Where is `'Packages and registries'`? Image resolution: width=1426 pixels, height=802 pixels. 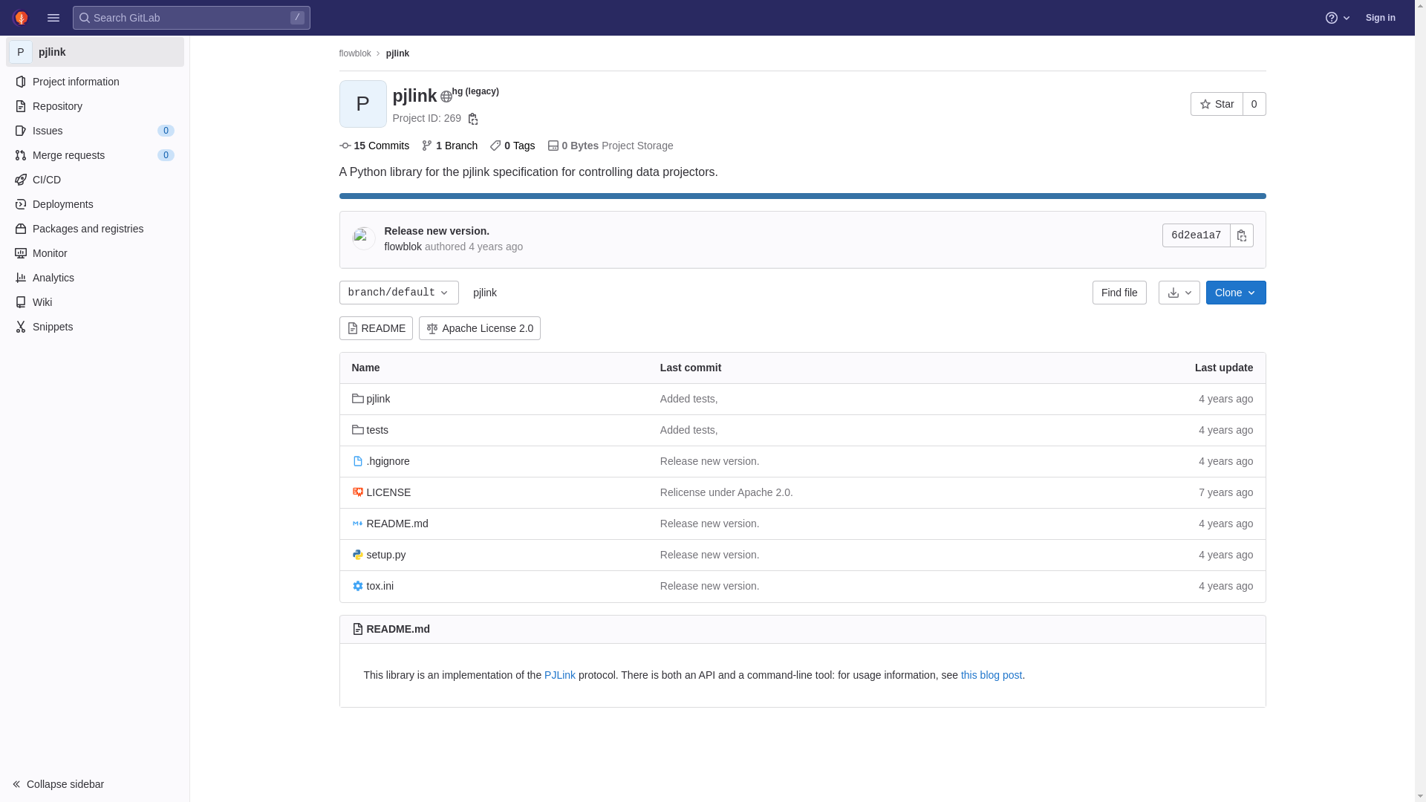
'Packages and registries' is located at coordinates (94, 229).